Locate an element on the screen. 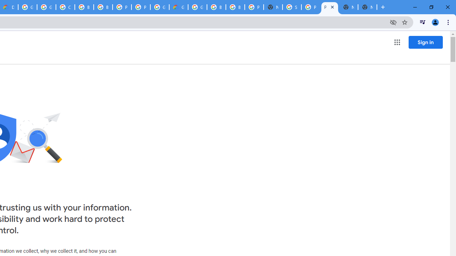 This screenshot has height=256, width=456. 'Sign in - Google Accounts' is located at coordinates (292, 7).